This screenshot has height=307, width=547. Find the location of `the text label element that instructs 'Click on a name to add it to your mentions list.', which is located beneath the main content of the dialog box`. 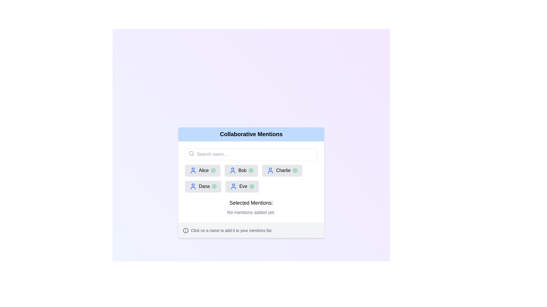

the text label element that instructs 'Click on a name to add it to your mentions list.', which is located beneath the main content of the dialog box is located at coordinates (232, 230).